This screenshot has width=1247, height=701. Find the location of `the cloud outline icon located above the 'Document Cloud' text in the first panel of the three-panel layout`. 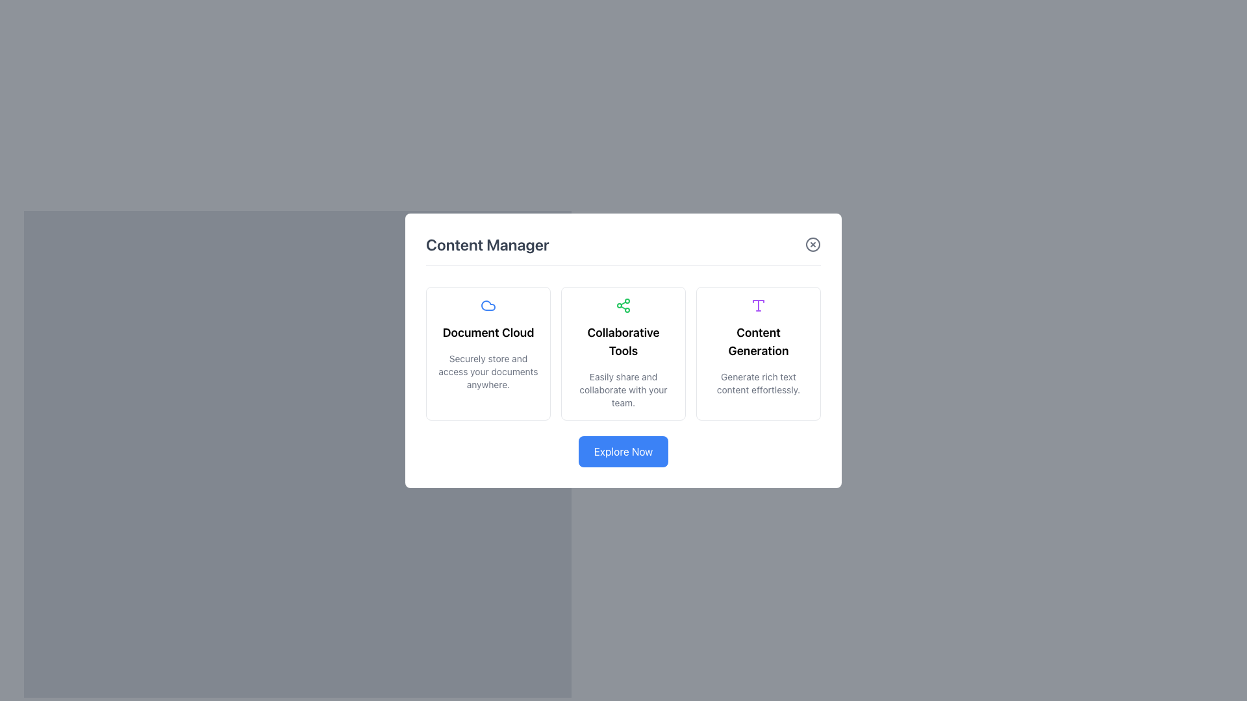

the cloud outline icon located above the 'Document Cloud' text in the first panel of the three-panel layout is located at coordinates (488, 305).